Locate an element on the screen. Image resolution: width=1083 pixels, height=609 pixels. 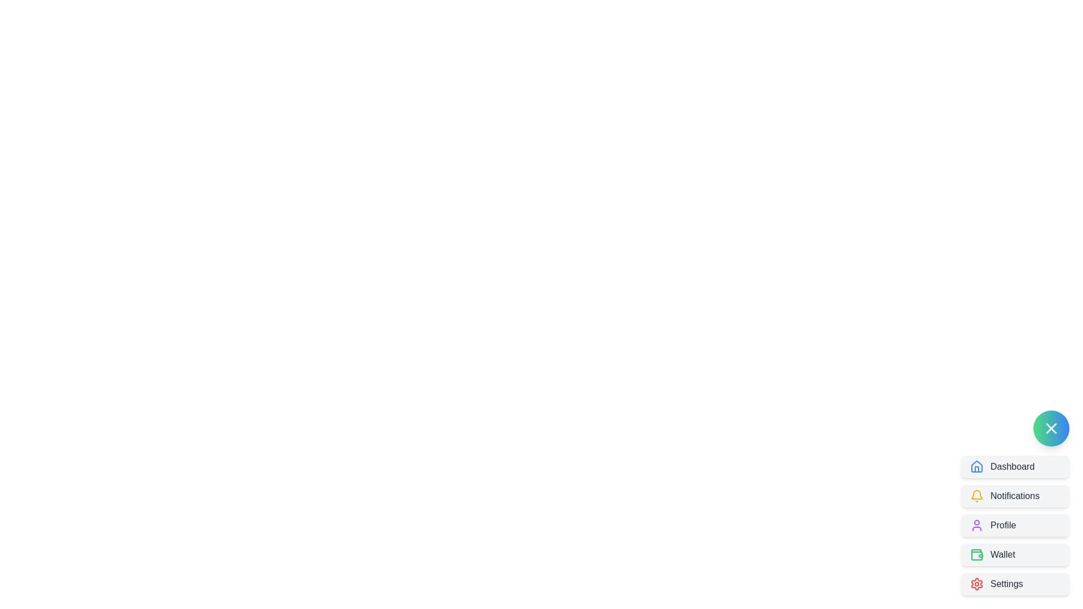
the interactive button located at the bottom-right corner of the interface, which is used for closing or dismissing items, represented by an 'X' symbol is located at coordinates (1050, 428).